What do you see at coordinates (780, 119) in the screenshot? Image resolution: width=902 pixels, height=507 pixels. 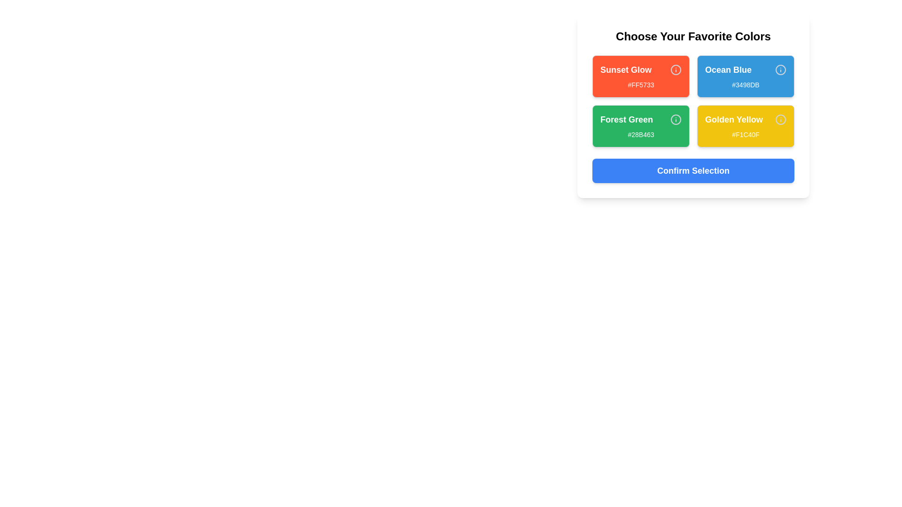 I see `the 'Info' icon for the color Golden Yellow` at bounding box center [780, 119].